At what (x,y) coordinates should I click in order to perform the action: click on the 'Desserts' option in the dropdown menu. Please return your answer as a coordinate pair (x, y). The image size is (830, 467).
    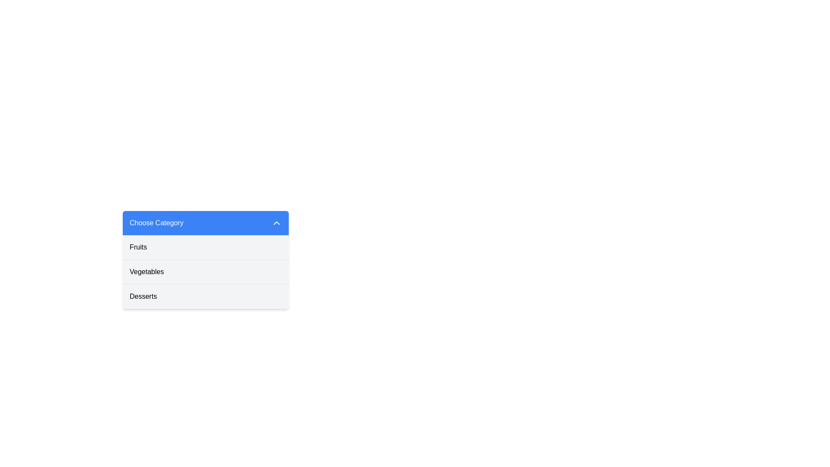
    Looking at the image, I should click on (205, 296).